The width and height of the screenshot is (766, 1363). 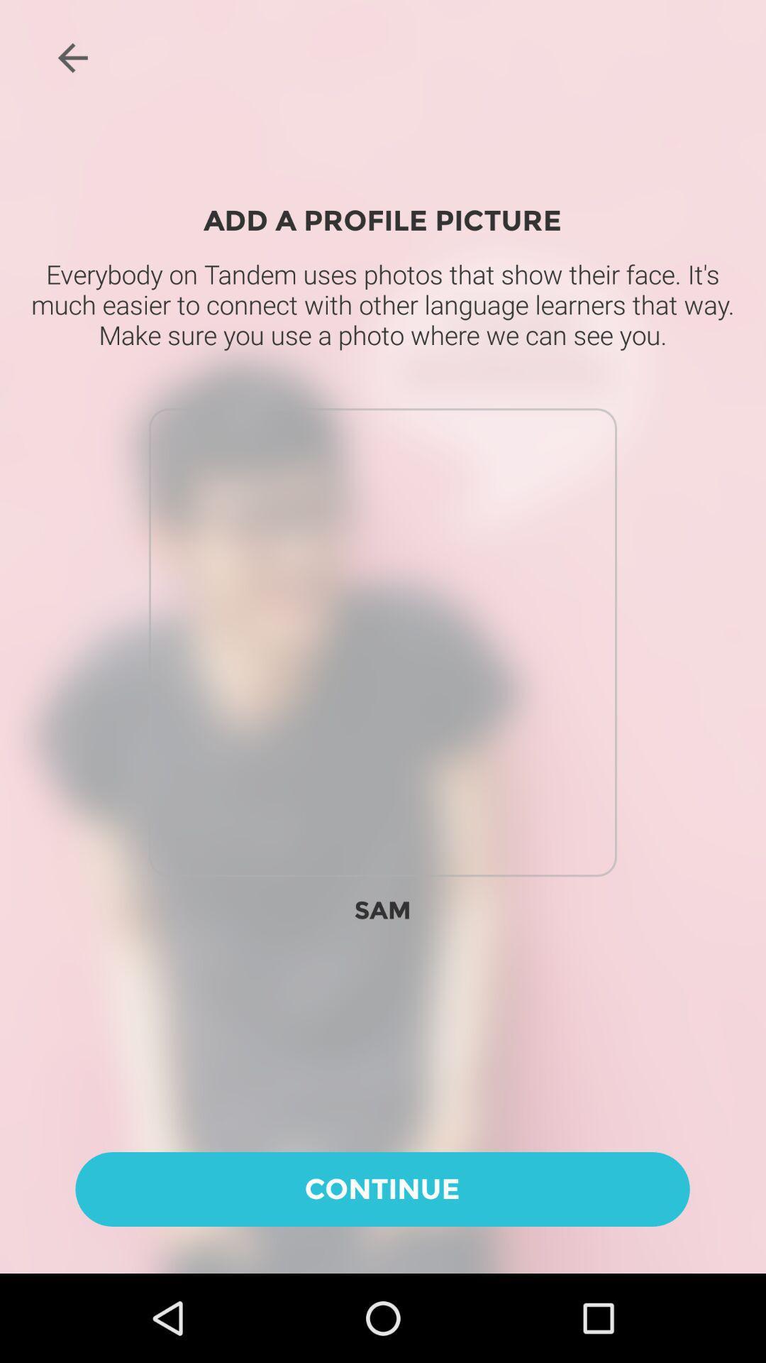 I want to click on the arrow_backward icon, so click(x=72, y=57).